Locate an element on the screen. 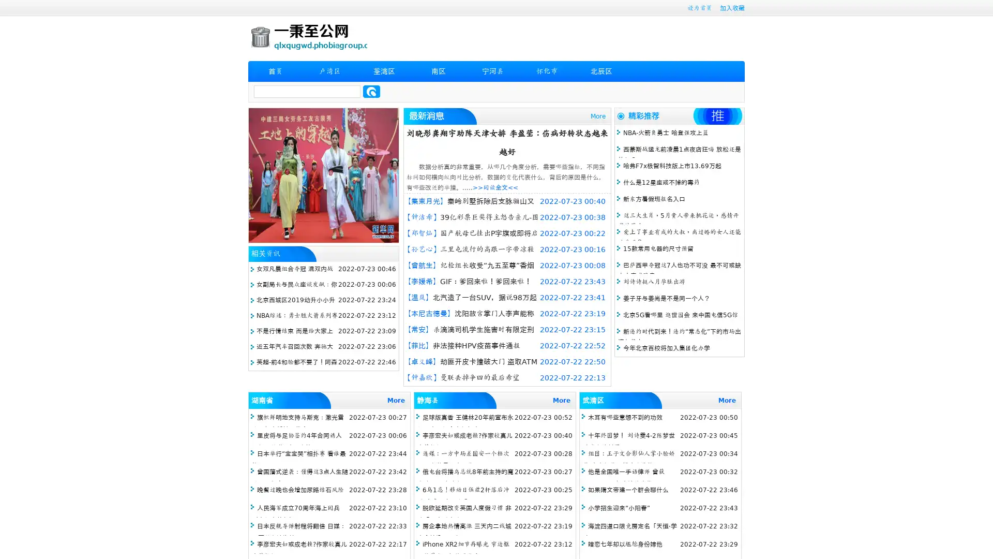 The height and width of the screenshot is (559, 993). Search is located at coordinates (371, 91).